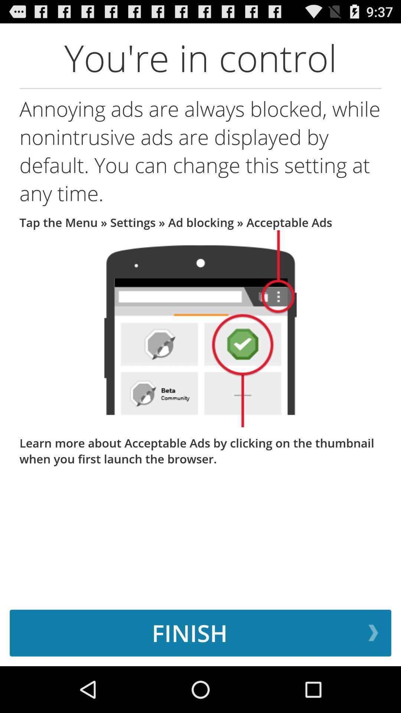 This screenshot has width=401, height=713. I want to click on button at the bottom, so click(200, 632).